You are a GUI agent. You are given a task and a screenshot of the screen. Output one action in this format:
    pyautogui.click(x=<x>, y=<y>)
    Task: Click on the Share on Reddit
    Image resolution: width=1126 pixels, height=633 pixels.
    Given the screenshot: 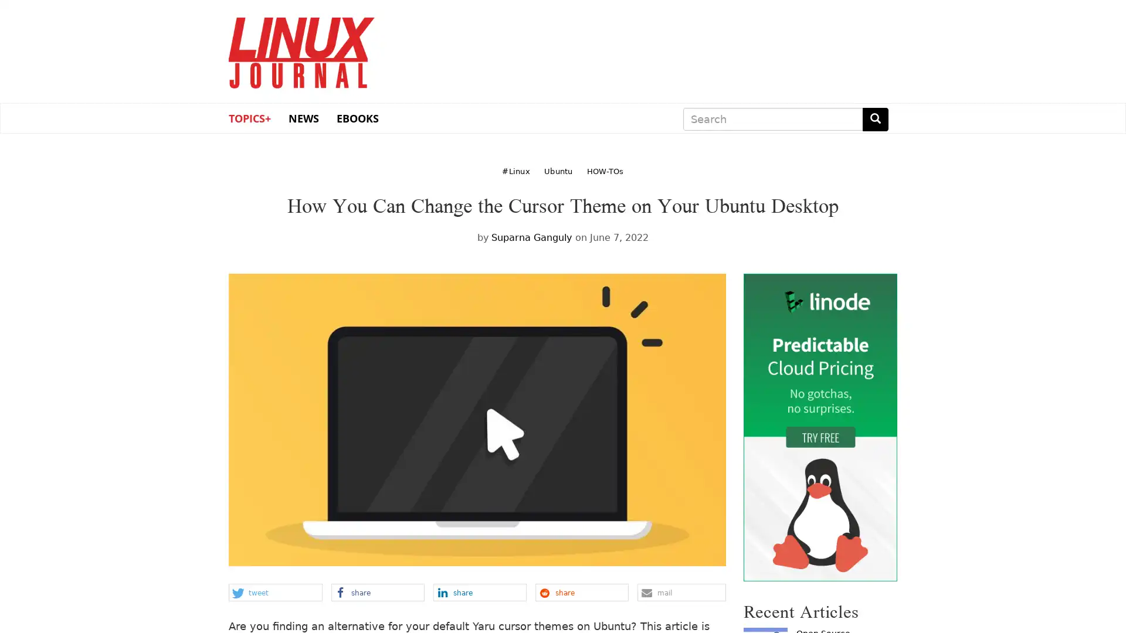 What is the action you would take?
    pyautogui.click(x=581, y=592)
    